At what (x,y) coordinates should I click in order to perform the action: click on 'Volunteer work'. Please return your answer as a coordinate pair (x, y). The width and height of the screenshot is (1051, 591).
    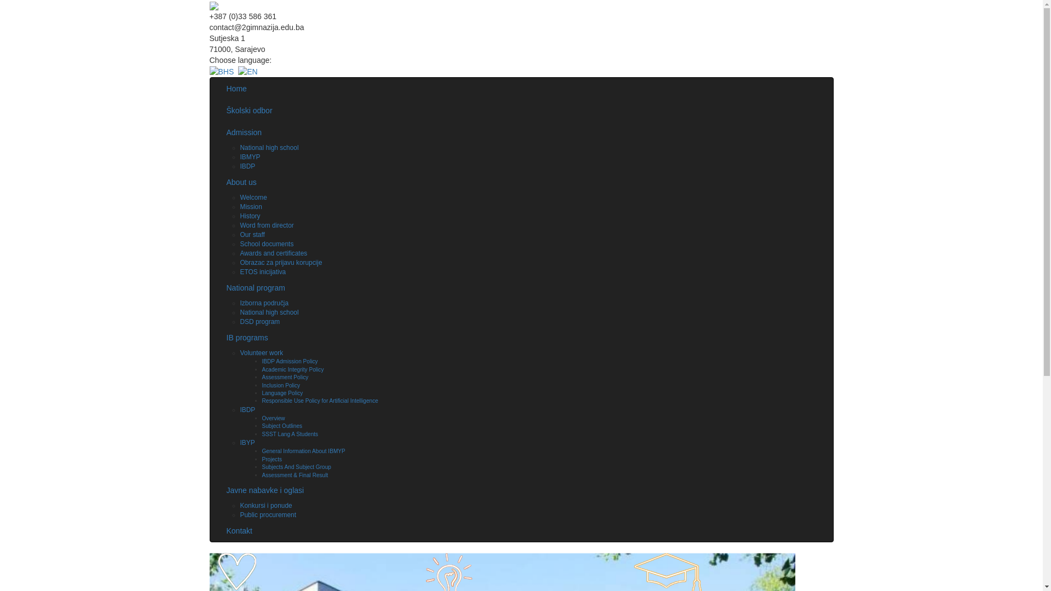
    Looking at the image, I should click on (261, 352).